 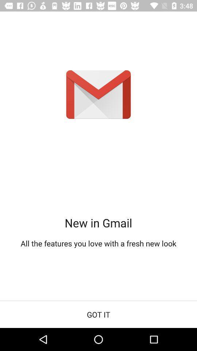 What do you see at coordinates (98, 314) in the screenshot?
I see `got it` at bounding box center [98, 314].